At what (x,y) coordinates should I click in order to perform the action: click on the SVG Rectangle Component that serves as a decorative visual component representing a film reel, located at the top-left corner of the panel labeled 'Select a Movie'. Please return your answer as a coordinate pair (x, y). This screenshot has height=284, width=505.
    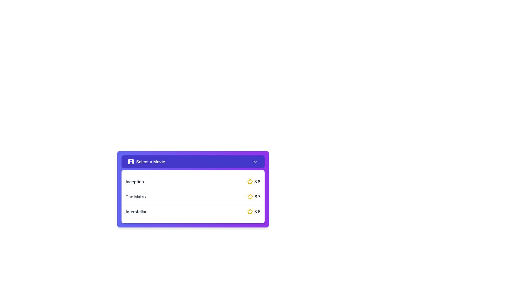
    Looking at the image, I should click on (131, 161).